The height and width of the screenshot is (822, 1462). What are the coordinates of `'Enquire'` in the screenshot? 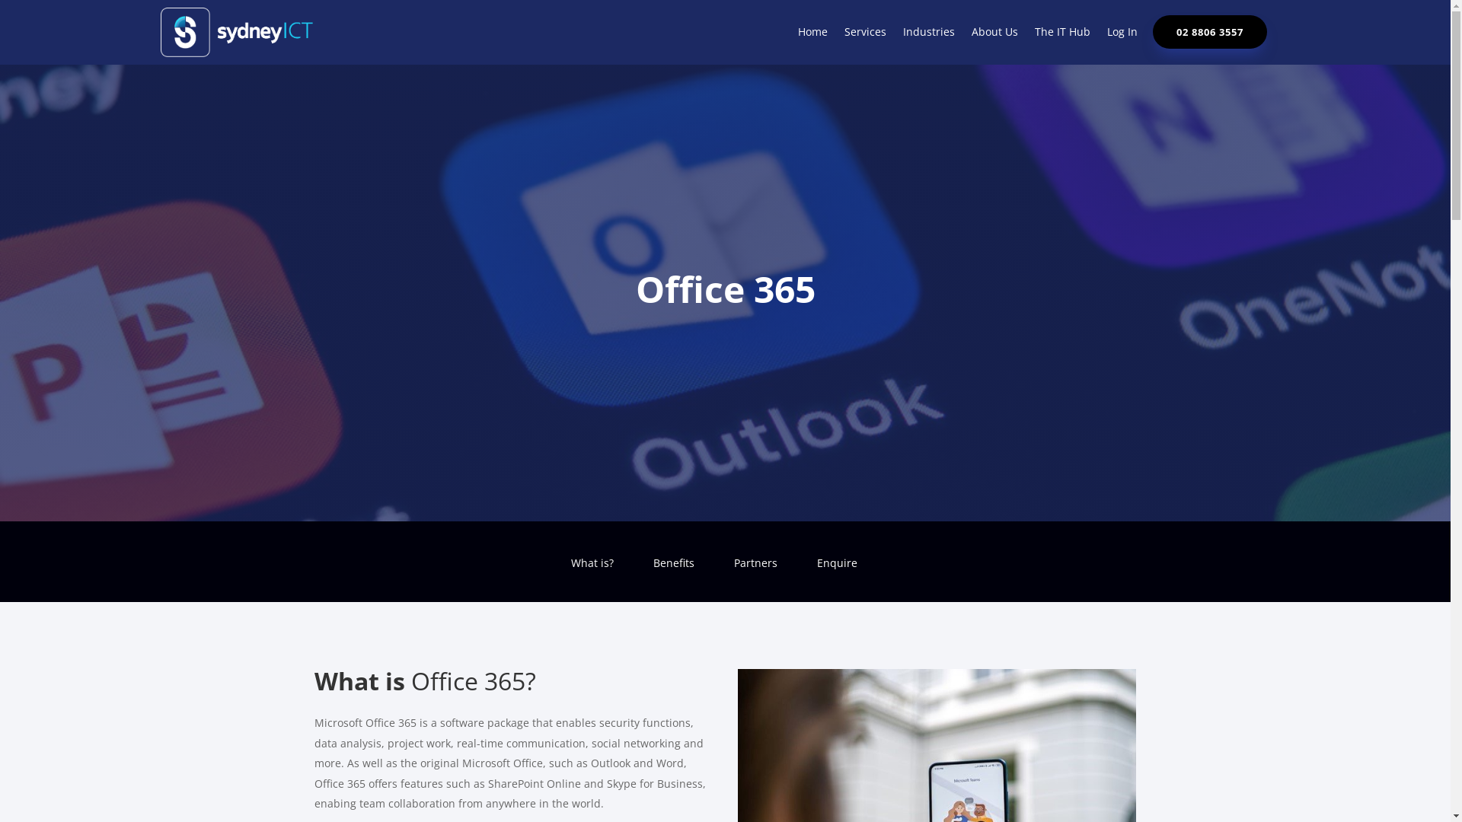 It's located at (815, 574).